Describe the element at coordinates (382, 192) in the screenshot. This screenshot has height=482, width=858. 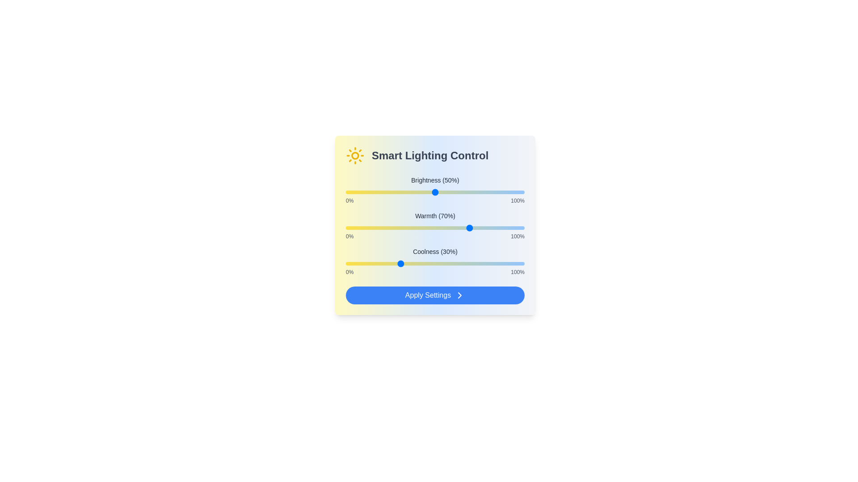
I see `the brightness slider to 20%` at that location.